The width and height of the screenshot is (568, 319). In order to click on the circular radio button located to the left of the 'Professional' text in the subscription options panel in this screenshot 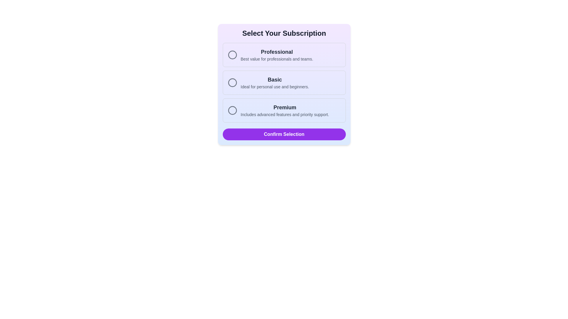, I will do `click(232, 55)`.